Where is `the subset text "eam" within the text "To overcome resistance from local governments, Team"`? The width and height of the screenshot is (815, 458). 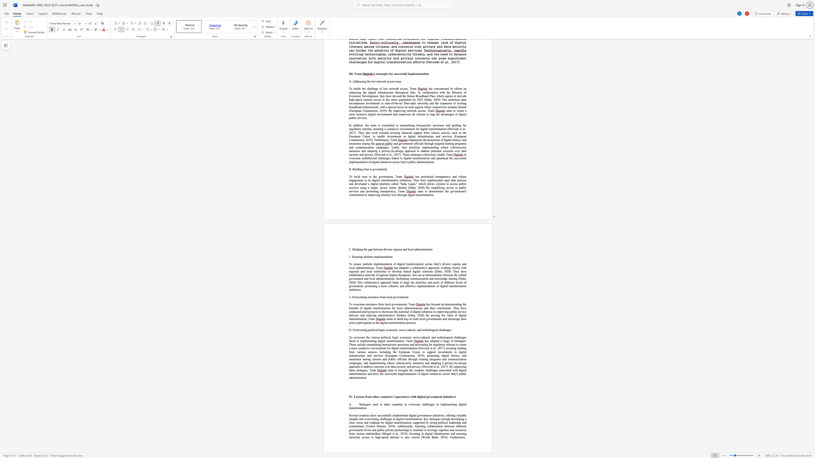
the subset text "eam" within the text "To overcome resistance from local governments, Team" is located at coordinates (410, 304).